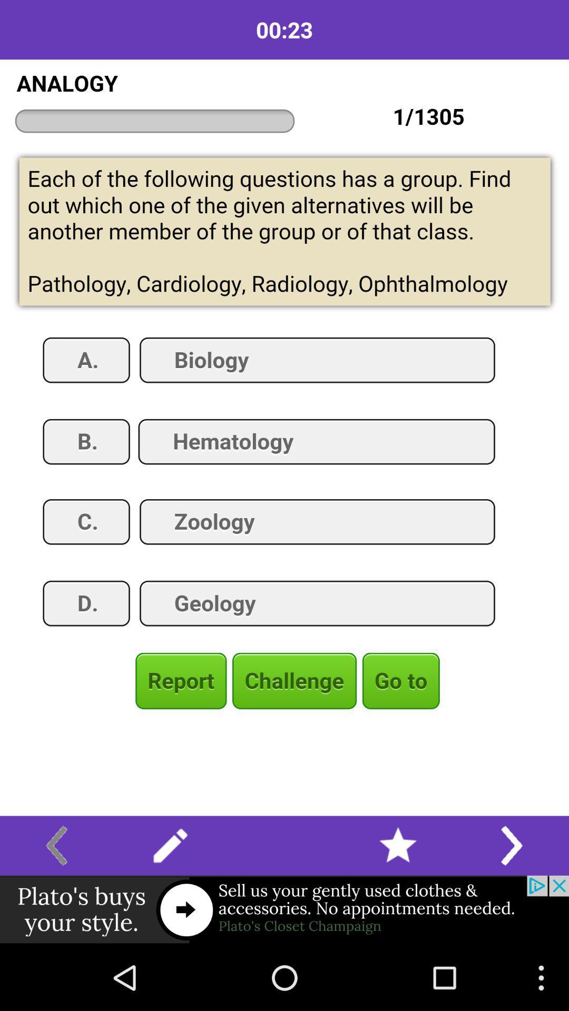  I want to click on previous page, so click(56, 846).